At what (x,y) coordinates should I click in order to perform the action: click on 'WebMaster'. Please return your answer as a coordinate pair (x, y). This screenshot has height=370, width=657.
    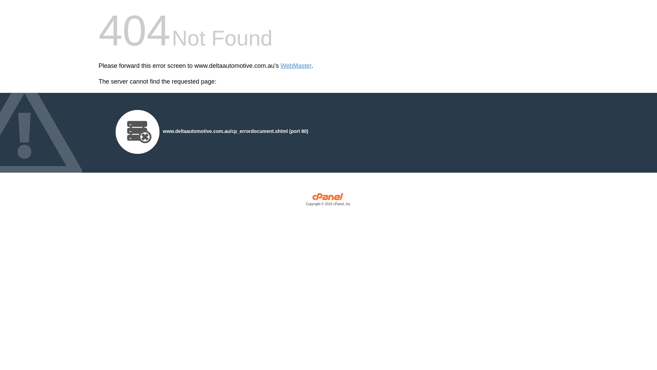
    Looking at the image, I should click on (296, 66).